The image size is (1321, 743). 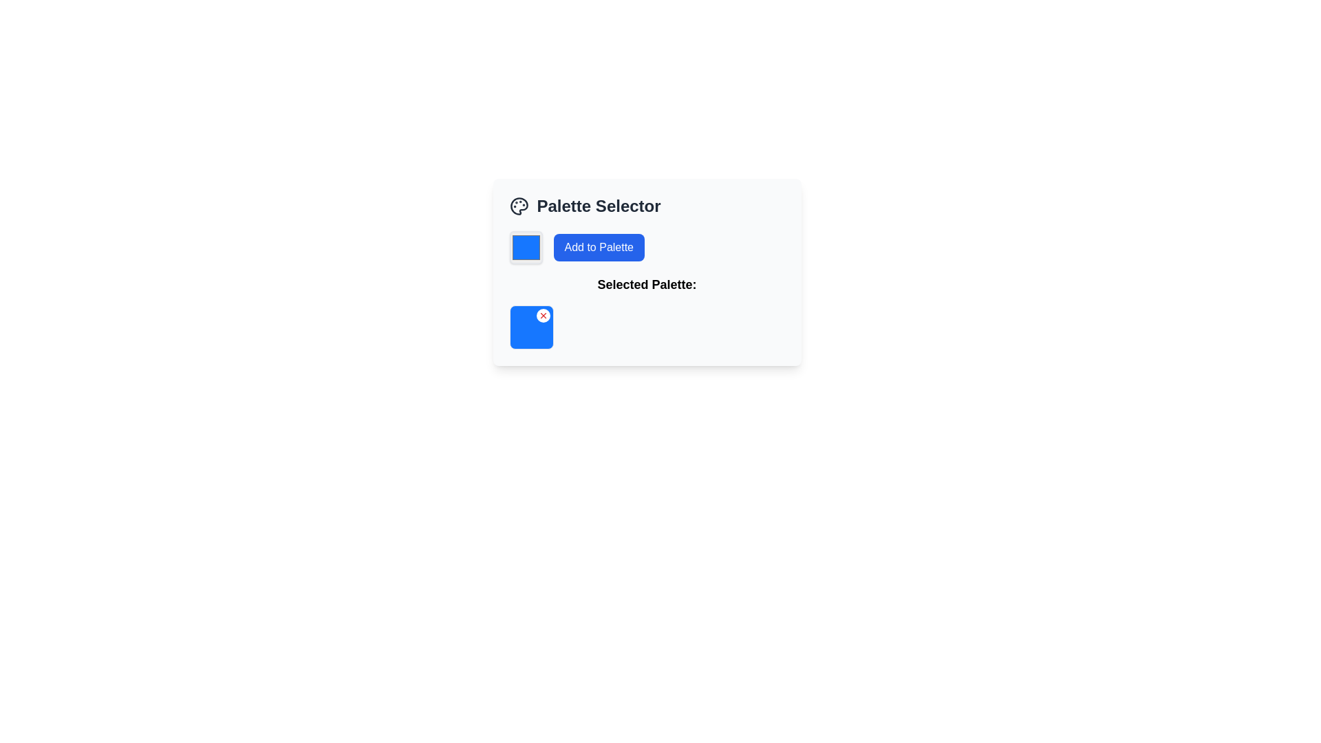 I want to click on the button located in the upper-right area of the 'Palette Selector' panel, so click(x=599, y=246).